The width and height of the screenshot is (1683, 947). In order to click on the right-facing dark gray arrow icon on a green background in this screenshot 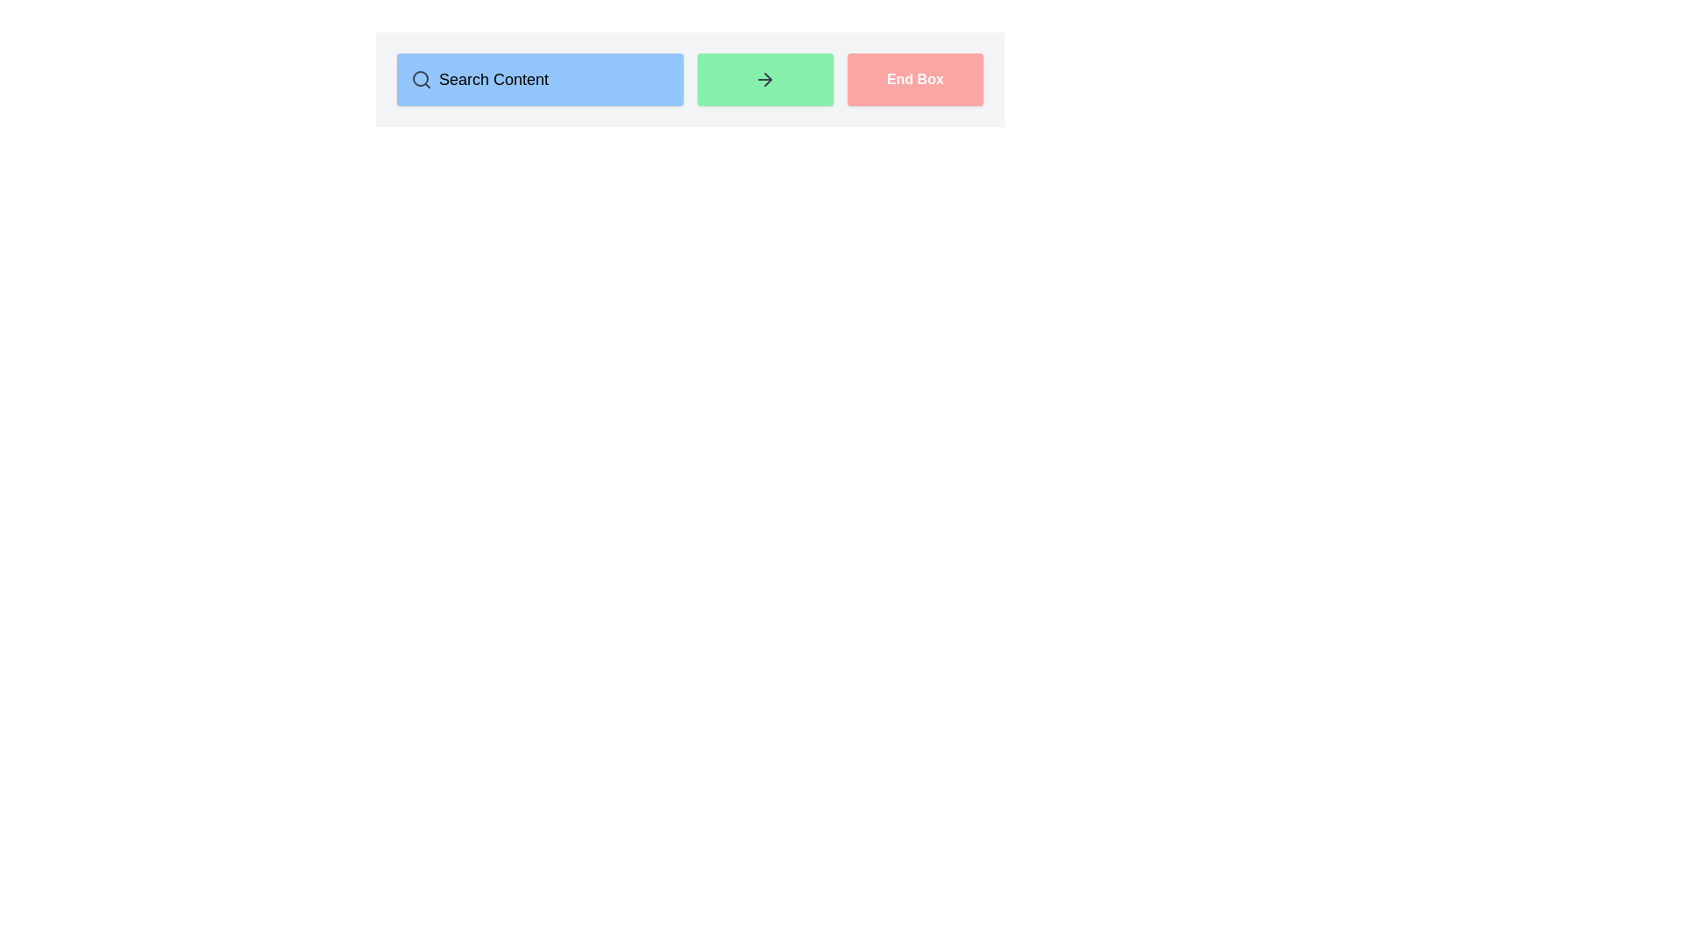, I will do `click(765, 80)`.